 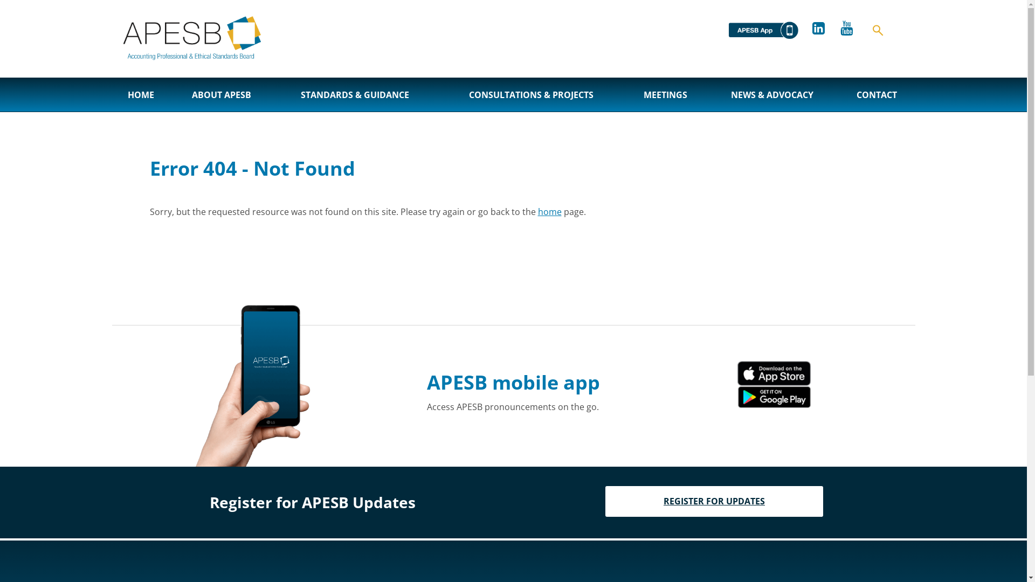 What do you see at coordinates (549, 212) in the screenshot?
I see `'home'` at bounding box center [549, 212].